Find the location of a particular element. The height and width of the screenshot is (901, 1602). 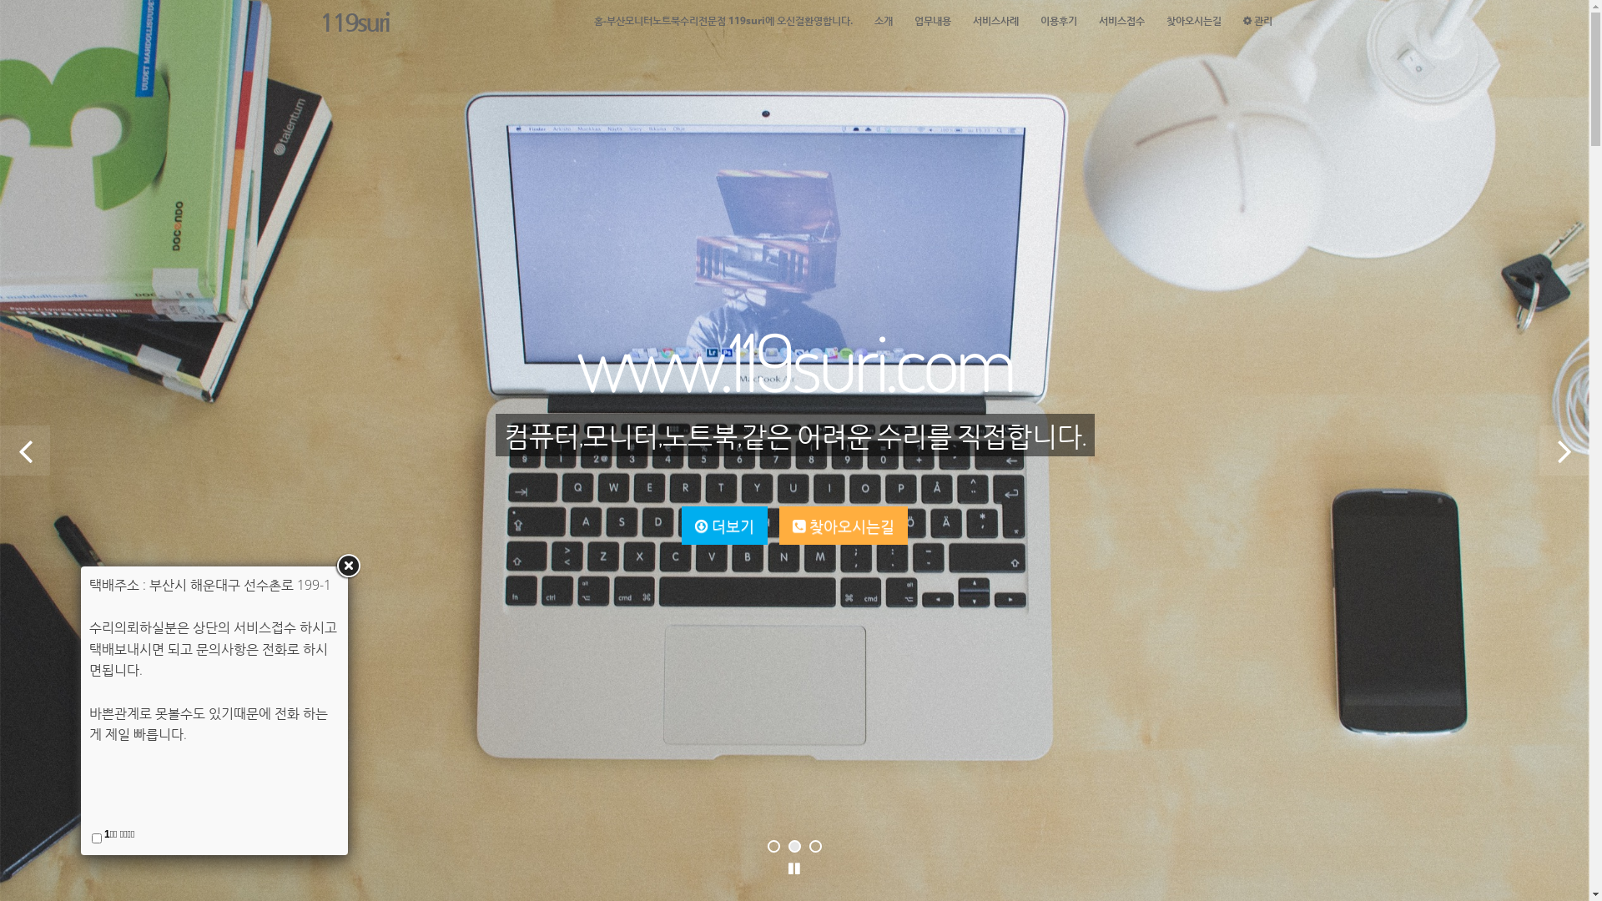

'Close' is located at coordinates (347, 565).